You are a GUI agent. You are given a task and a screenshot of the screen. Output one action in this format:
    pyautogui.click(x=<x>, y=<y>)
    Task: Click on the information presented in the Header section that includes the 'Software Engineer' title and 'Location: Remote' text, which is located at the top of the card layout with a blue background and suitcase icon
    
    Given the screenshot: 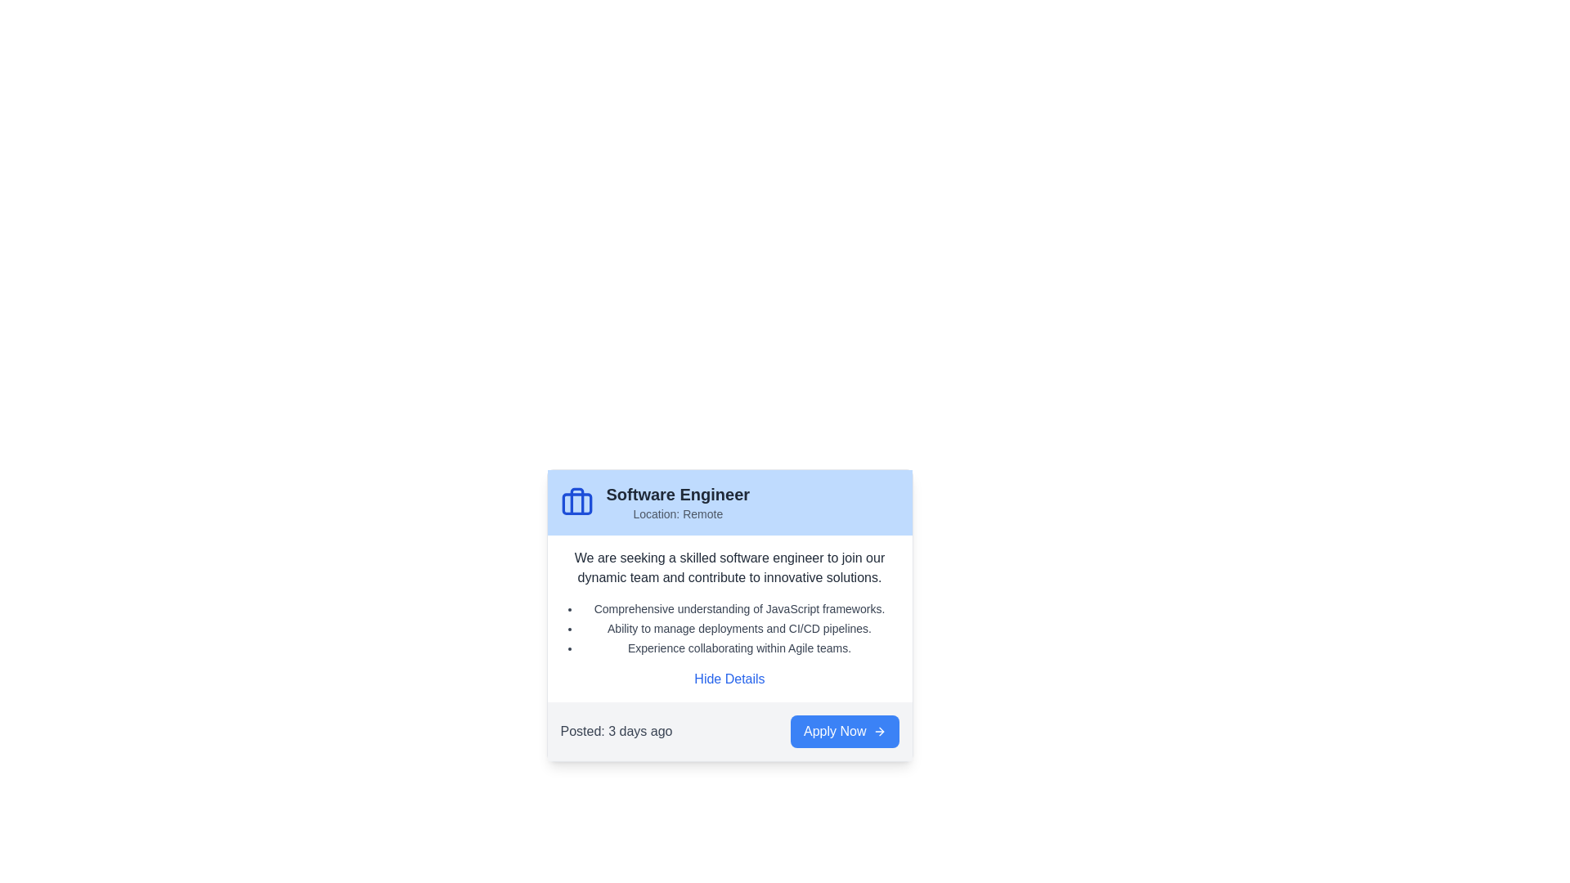 What is the action you would take?
    pyautogui.click(x=729, y=501)
    